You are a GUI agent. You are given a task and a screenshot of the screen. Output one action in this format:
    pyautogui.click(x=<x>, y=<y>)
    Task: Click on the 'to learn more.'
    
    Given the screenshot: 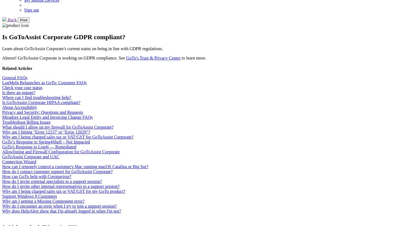 What is the action you would take?
    pyautogui.click(x=180, y=57)
    